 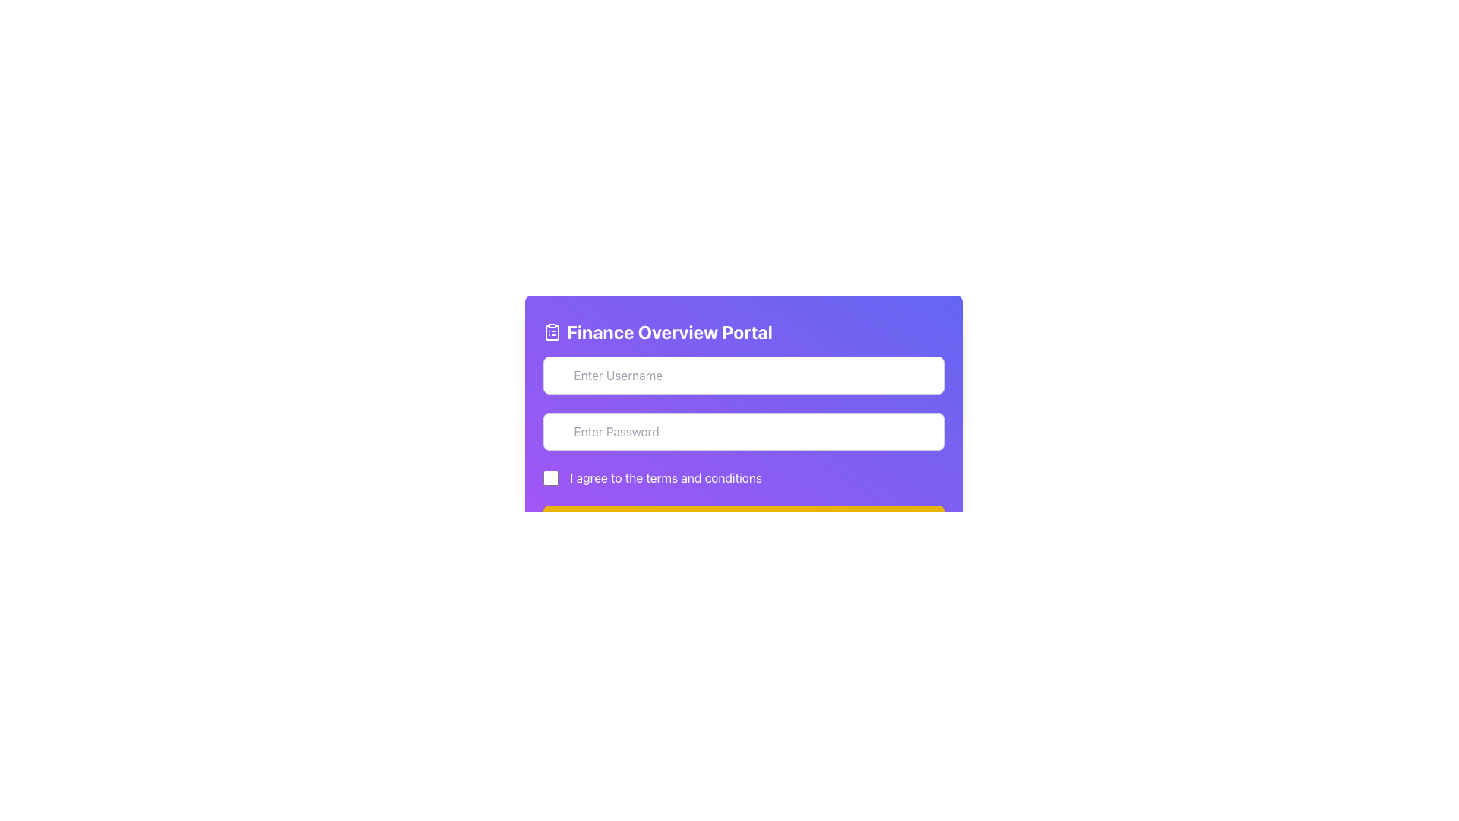 I want to click on header text which is styled with bold, white text on a gradient background, located at the top of the centered card above the user input fields, so click(x=743, y=331).